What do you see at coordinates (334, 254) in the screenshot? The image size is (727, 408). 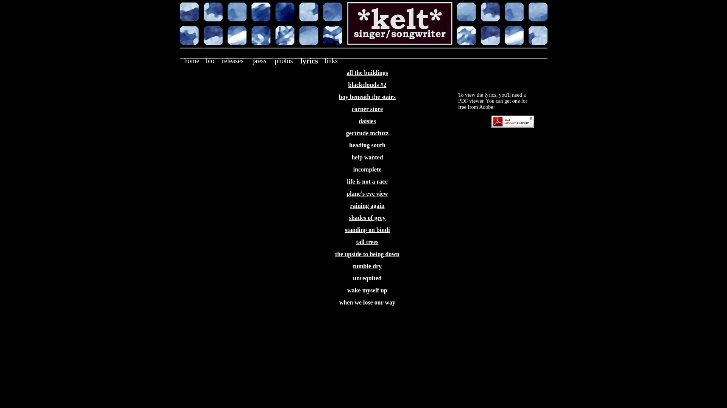 I see `'the upside to being down'` at bounding box center [334, 254].